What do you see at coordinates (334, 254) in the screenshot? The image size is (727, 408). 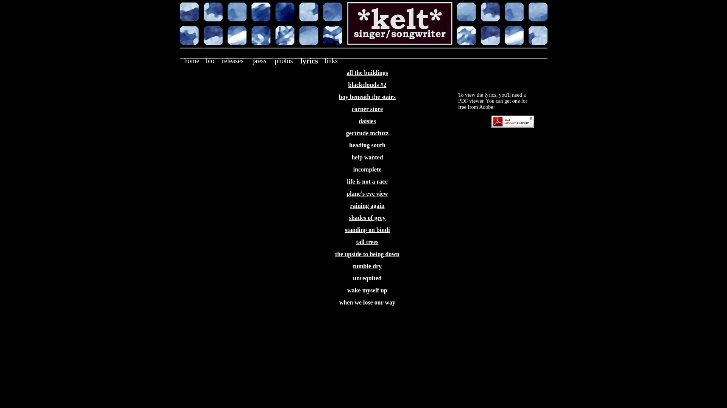 I see `'the upside to being down'` at bounding box center [334, 254].